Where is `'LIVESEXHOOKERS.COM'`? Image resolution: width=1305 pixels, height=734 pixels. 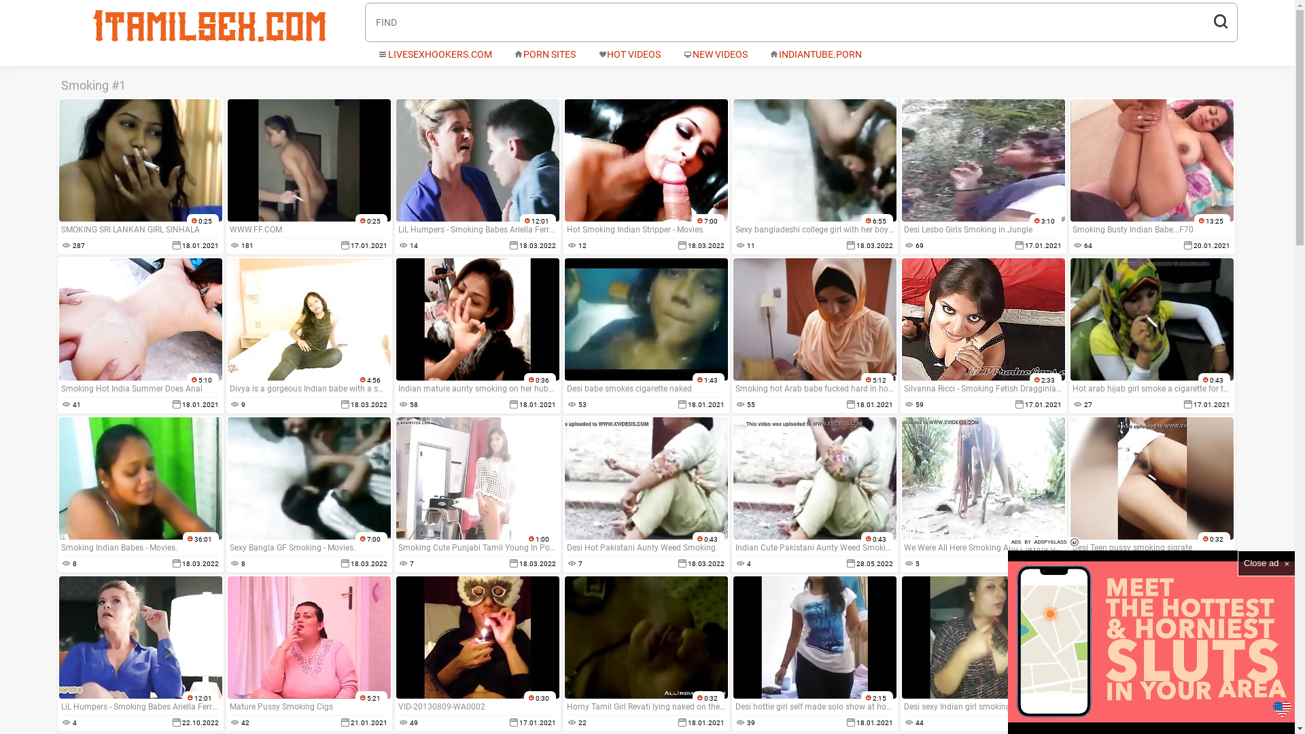
'LIVESEXHOOKERS.COM' is located at coordinates (434, 54).